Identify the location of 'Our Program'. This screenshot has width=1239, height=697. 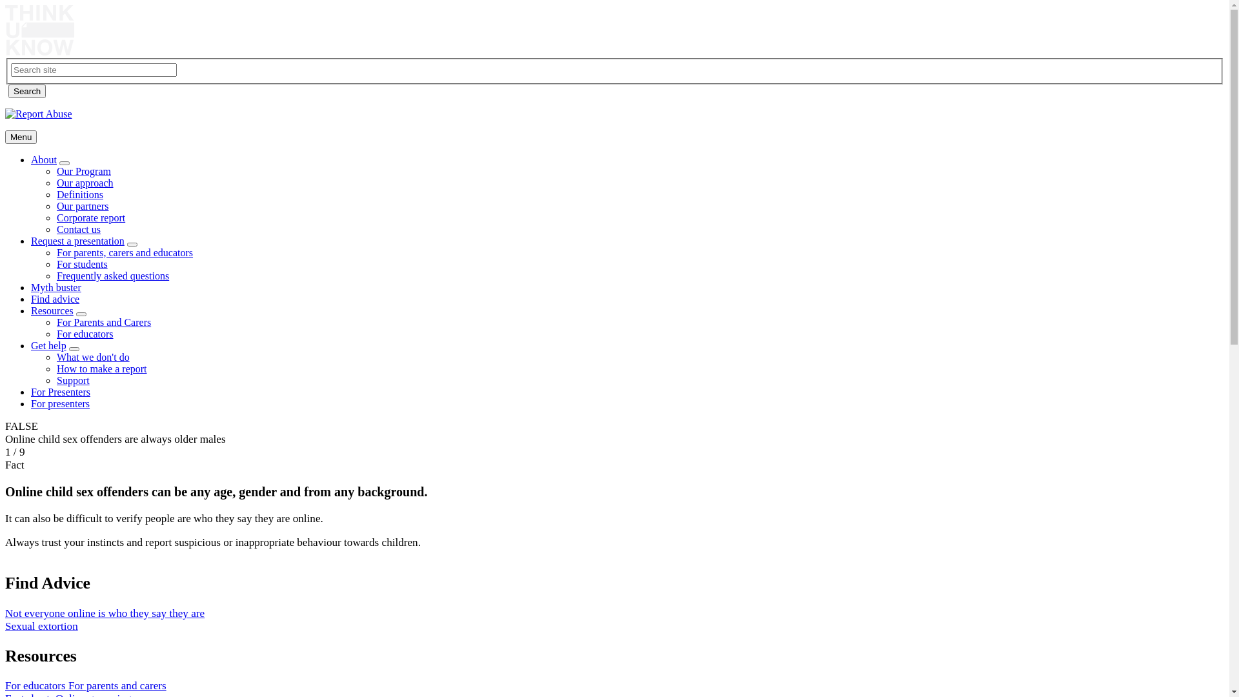
(83, 170).